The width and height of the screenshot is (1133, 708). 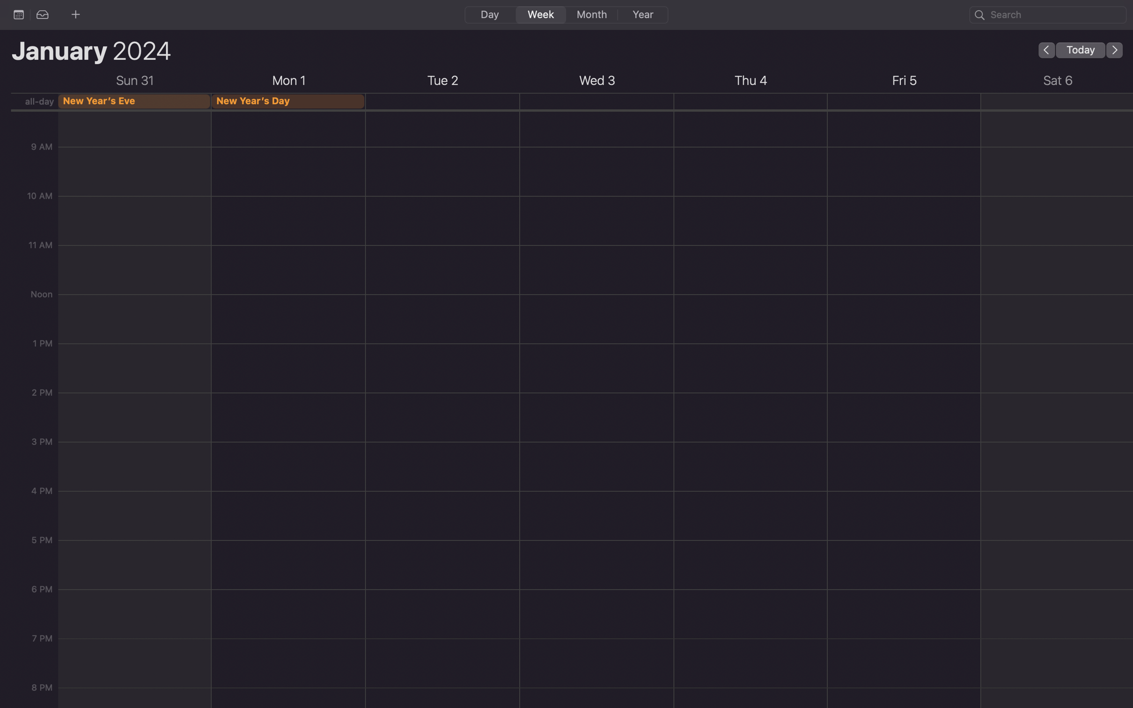 I want to click on Arrange a meeting for 6 pm on the forthcoming Wednesday, so click(x=598, y=605).